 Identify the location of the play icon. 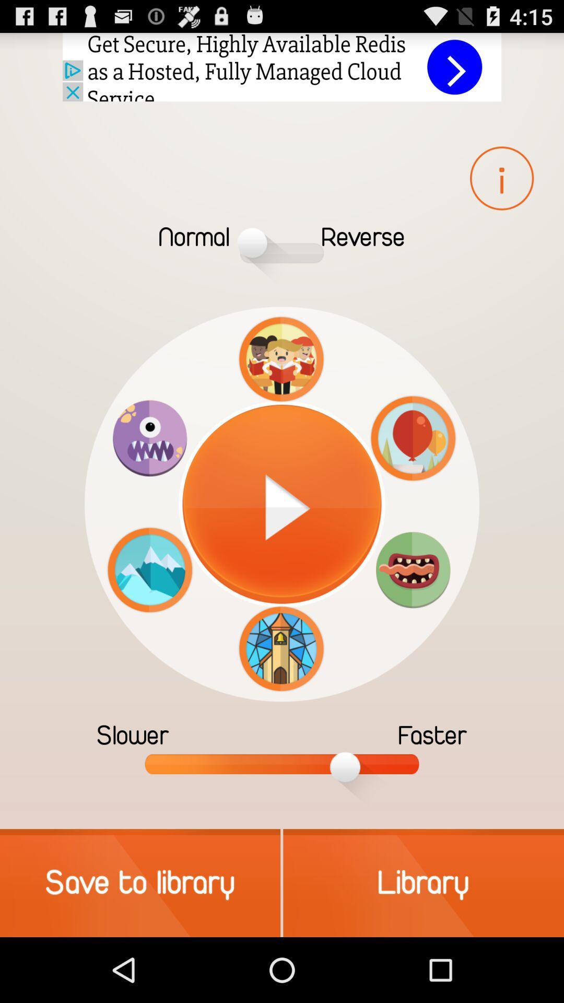
(282, 504).